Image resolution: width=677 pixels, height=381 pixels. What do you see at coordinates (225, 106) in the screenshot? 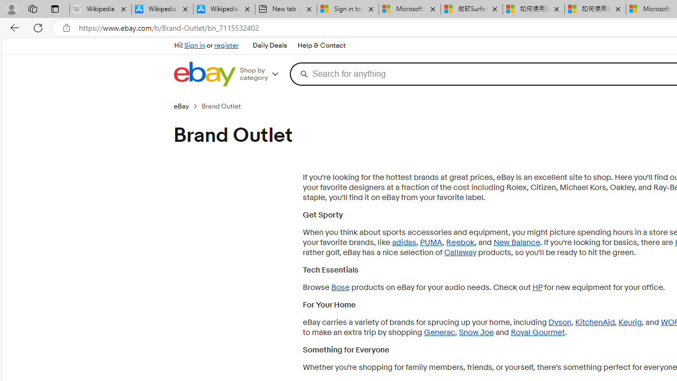
I see `'Brand Outlet'` at bounding box center [225, 106].